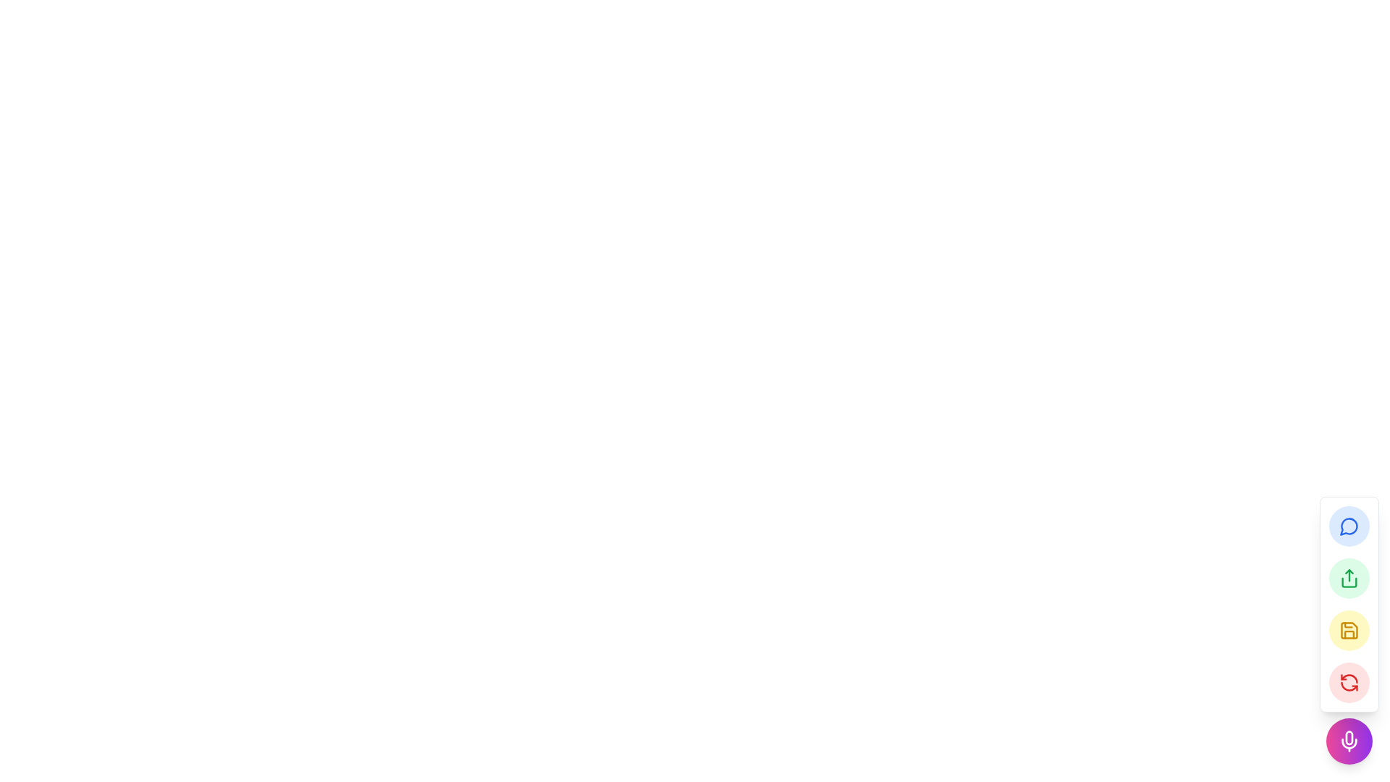  What do you see at coordinates (1348, 630) in the screenshot?
I see `the 'Save' button, which is the third button in a vertical set located on the right edge of the interface` at bounding box center [1348, 630].